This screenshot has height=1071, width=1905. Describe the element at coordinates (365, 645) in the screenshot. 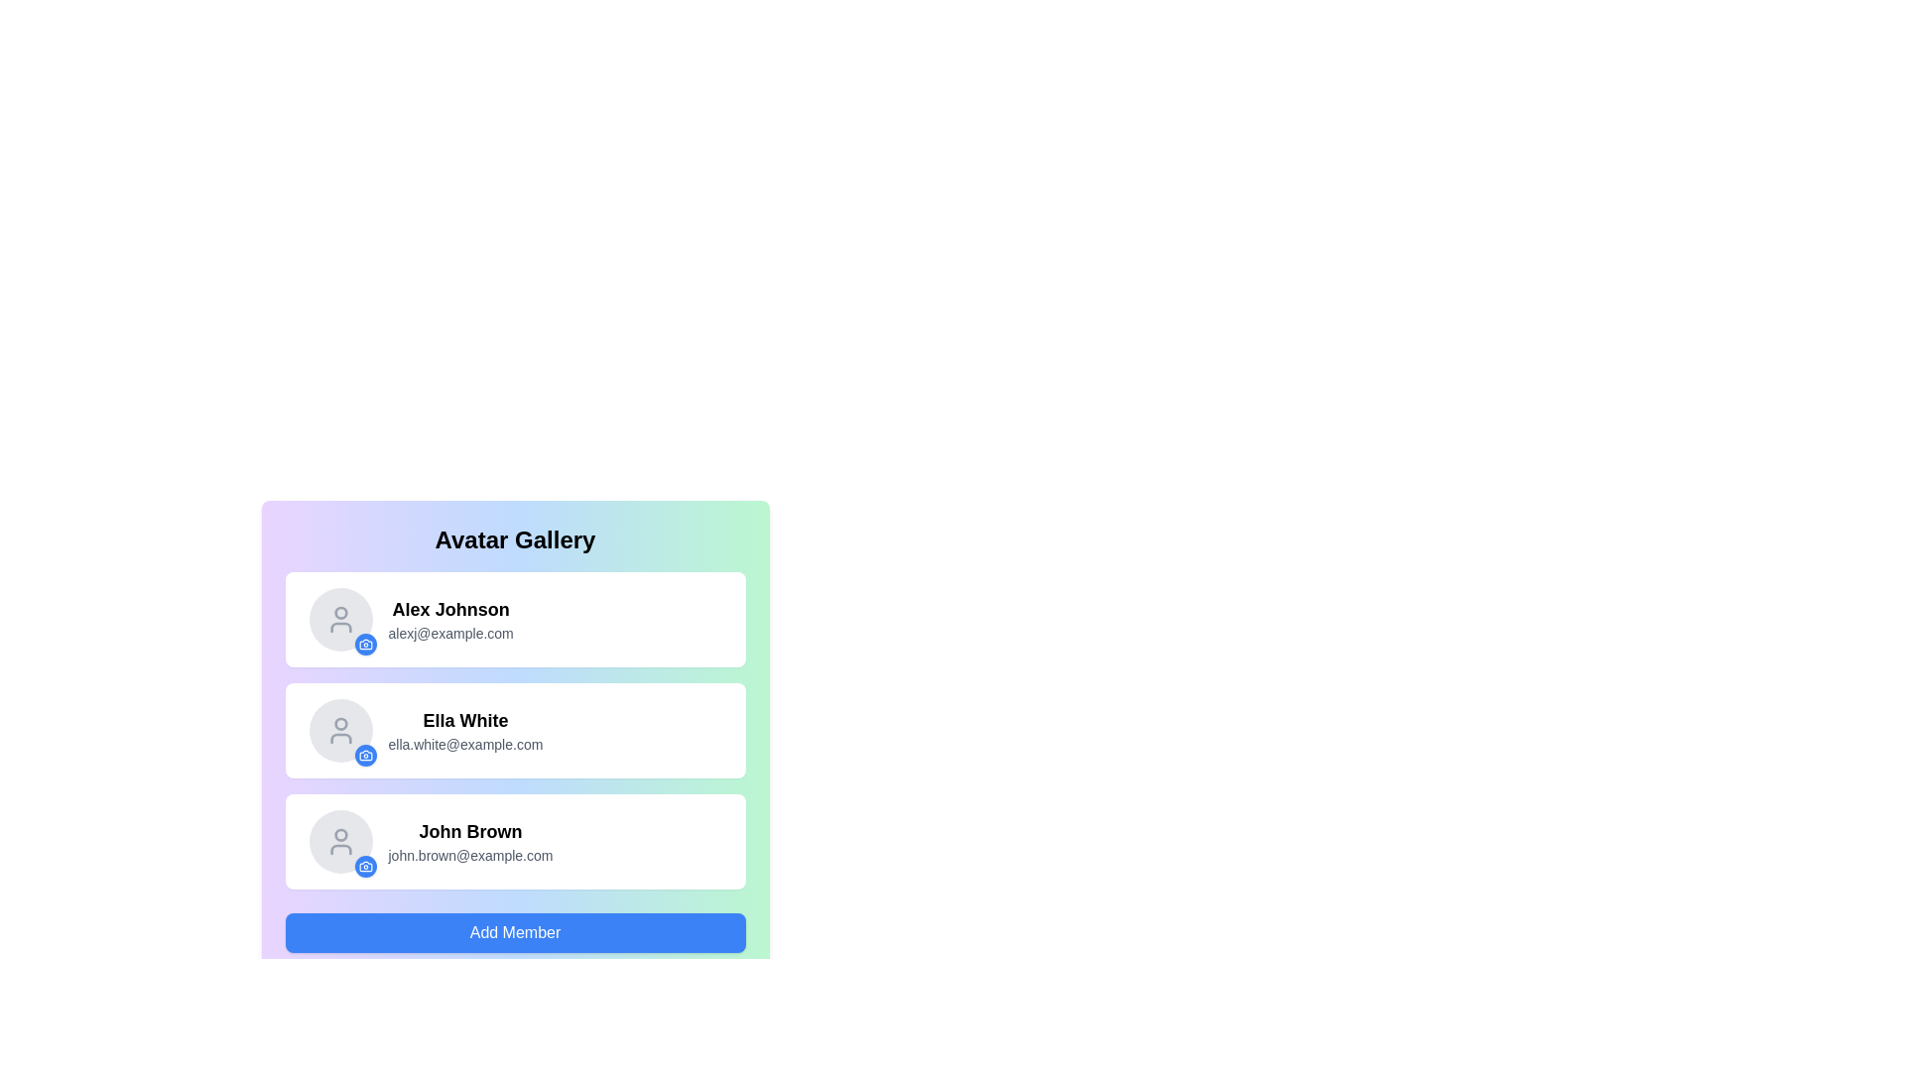

I see `the camera icon located at the bottom-right of the user's avatar block in the gallery` at that location.